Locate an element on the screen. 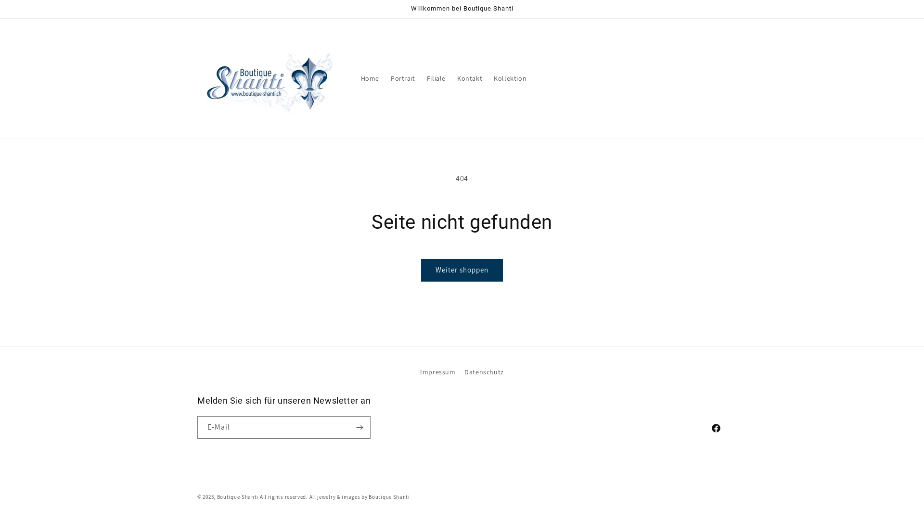 This screenshot has width=924, height=519. 'Warenkorb' is located at coordinates (718, 77).